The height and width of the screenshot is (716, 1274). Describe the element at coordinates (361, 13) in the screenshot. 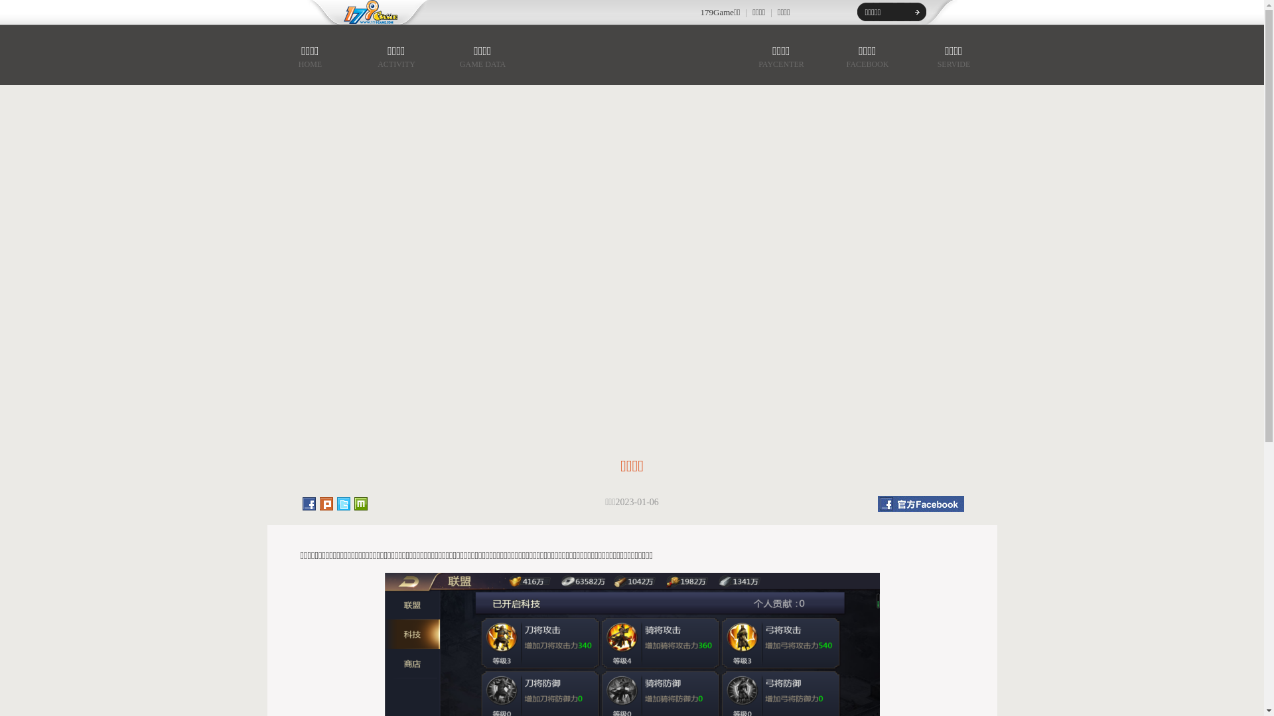

I see `'179game'` at that location.